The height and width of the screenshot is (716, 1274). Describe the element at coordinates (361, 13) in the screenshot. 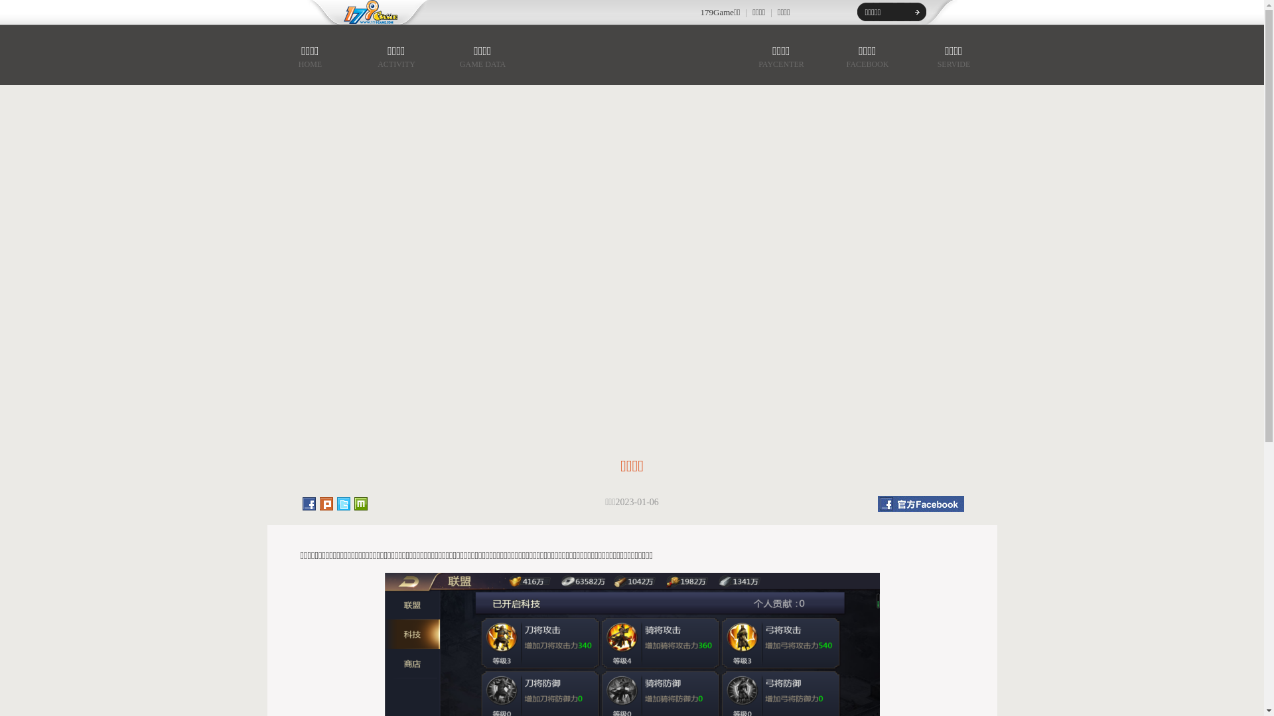

I see `'179game'` at that location.